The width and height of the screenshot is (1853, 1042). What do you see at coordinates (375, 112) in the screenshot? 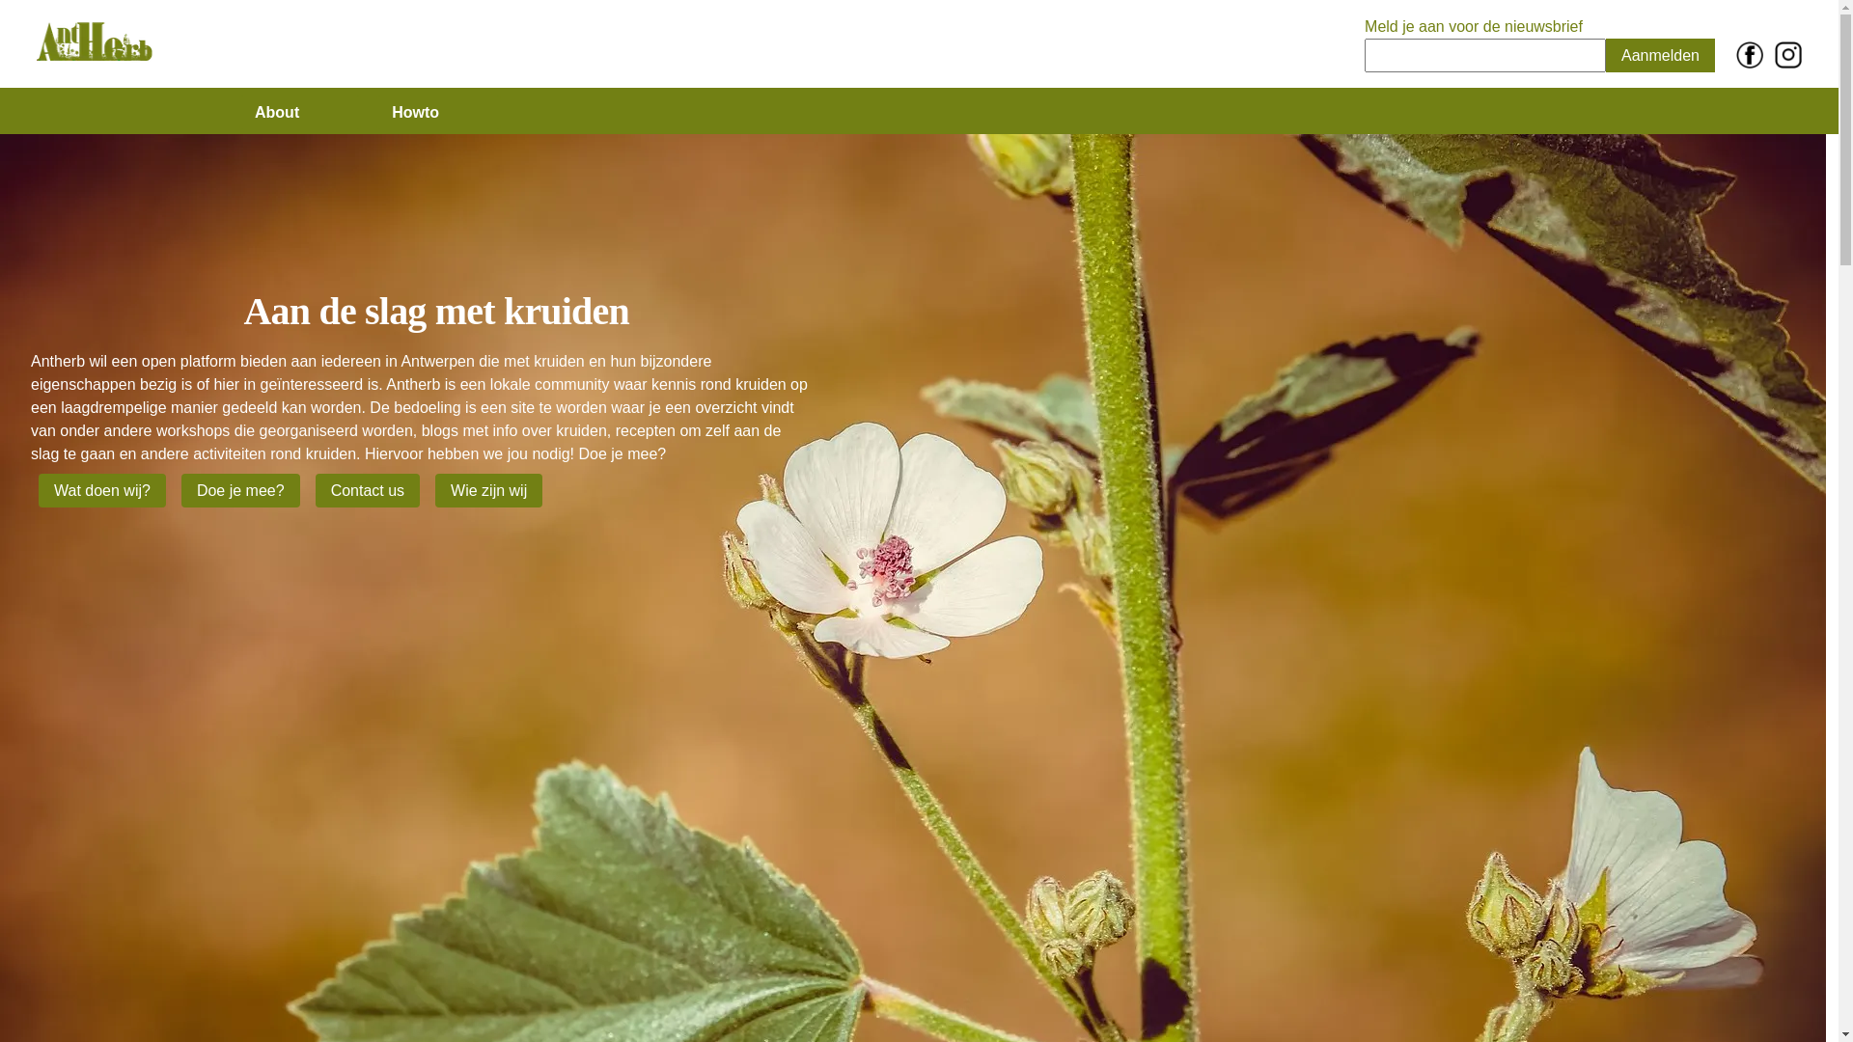
I see `'Howto'` at bounding box center [375, 112].